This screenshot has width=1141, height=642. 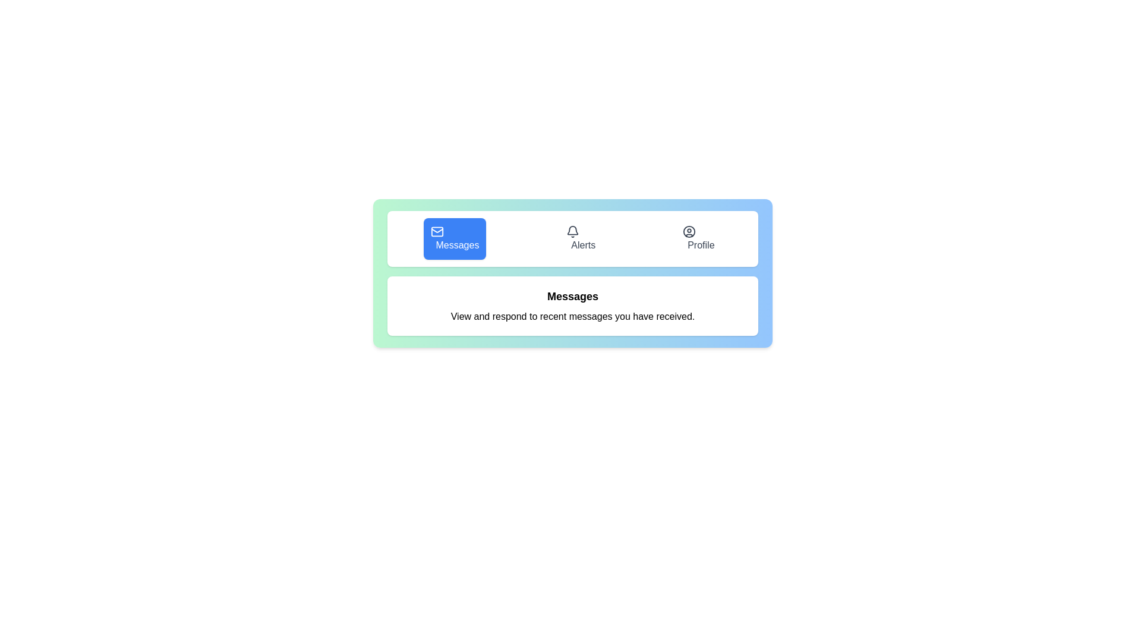 I want to click on the Profile tab by clicking on its button, so click(x=698, y=238).